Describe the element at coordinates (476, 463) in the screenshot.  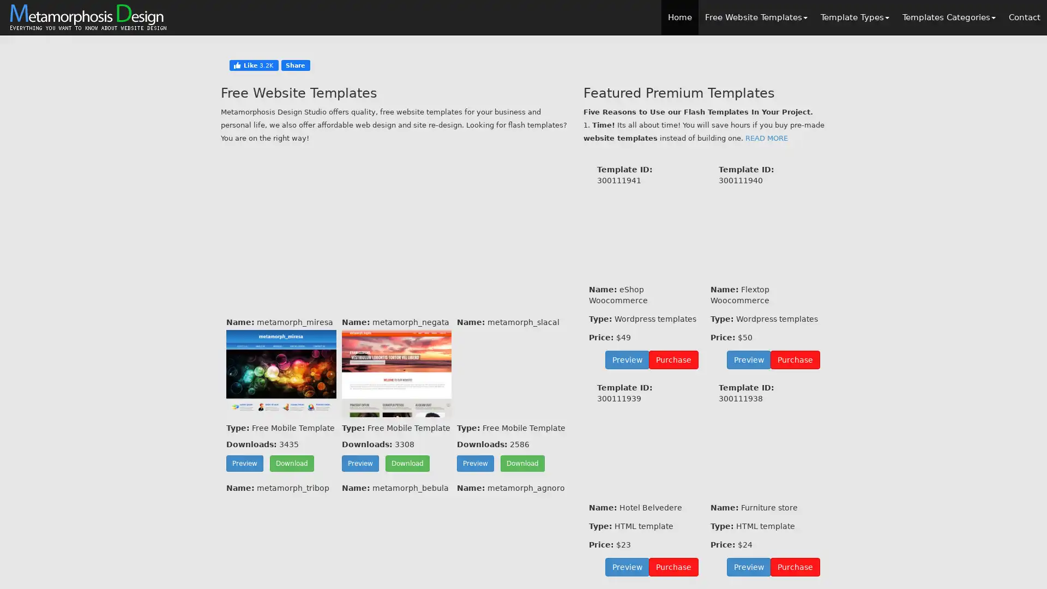
I see `Preview` at that location.